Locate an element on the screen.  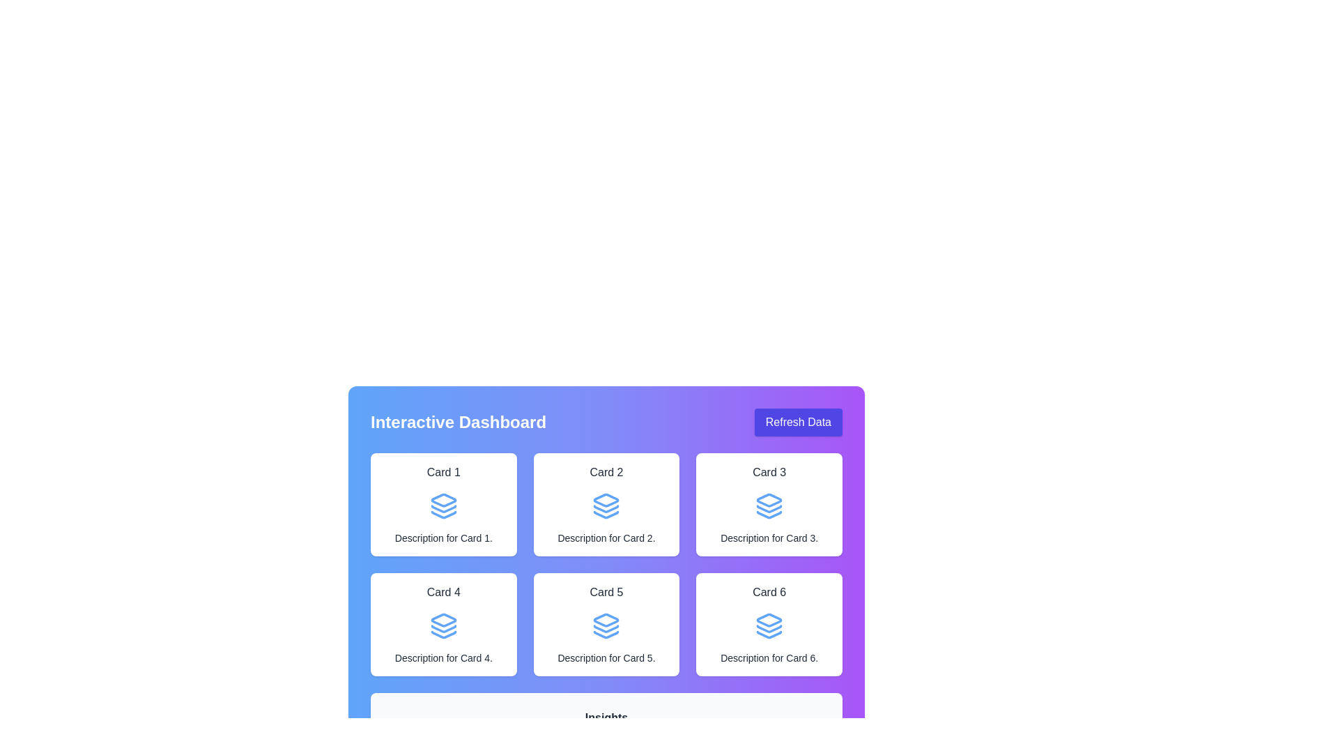
the static text label displaying 'Card 1' located at the top of the first card in the grid layout on the dashboard is located at coordinates (443, 472).